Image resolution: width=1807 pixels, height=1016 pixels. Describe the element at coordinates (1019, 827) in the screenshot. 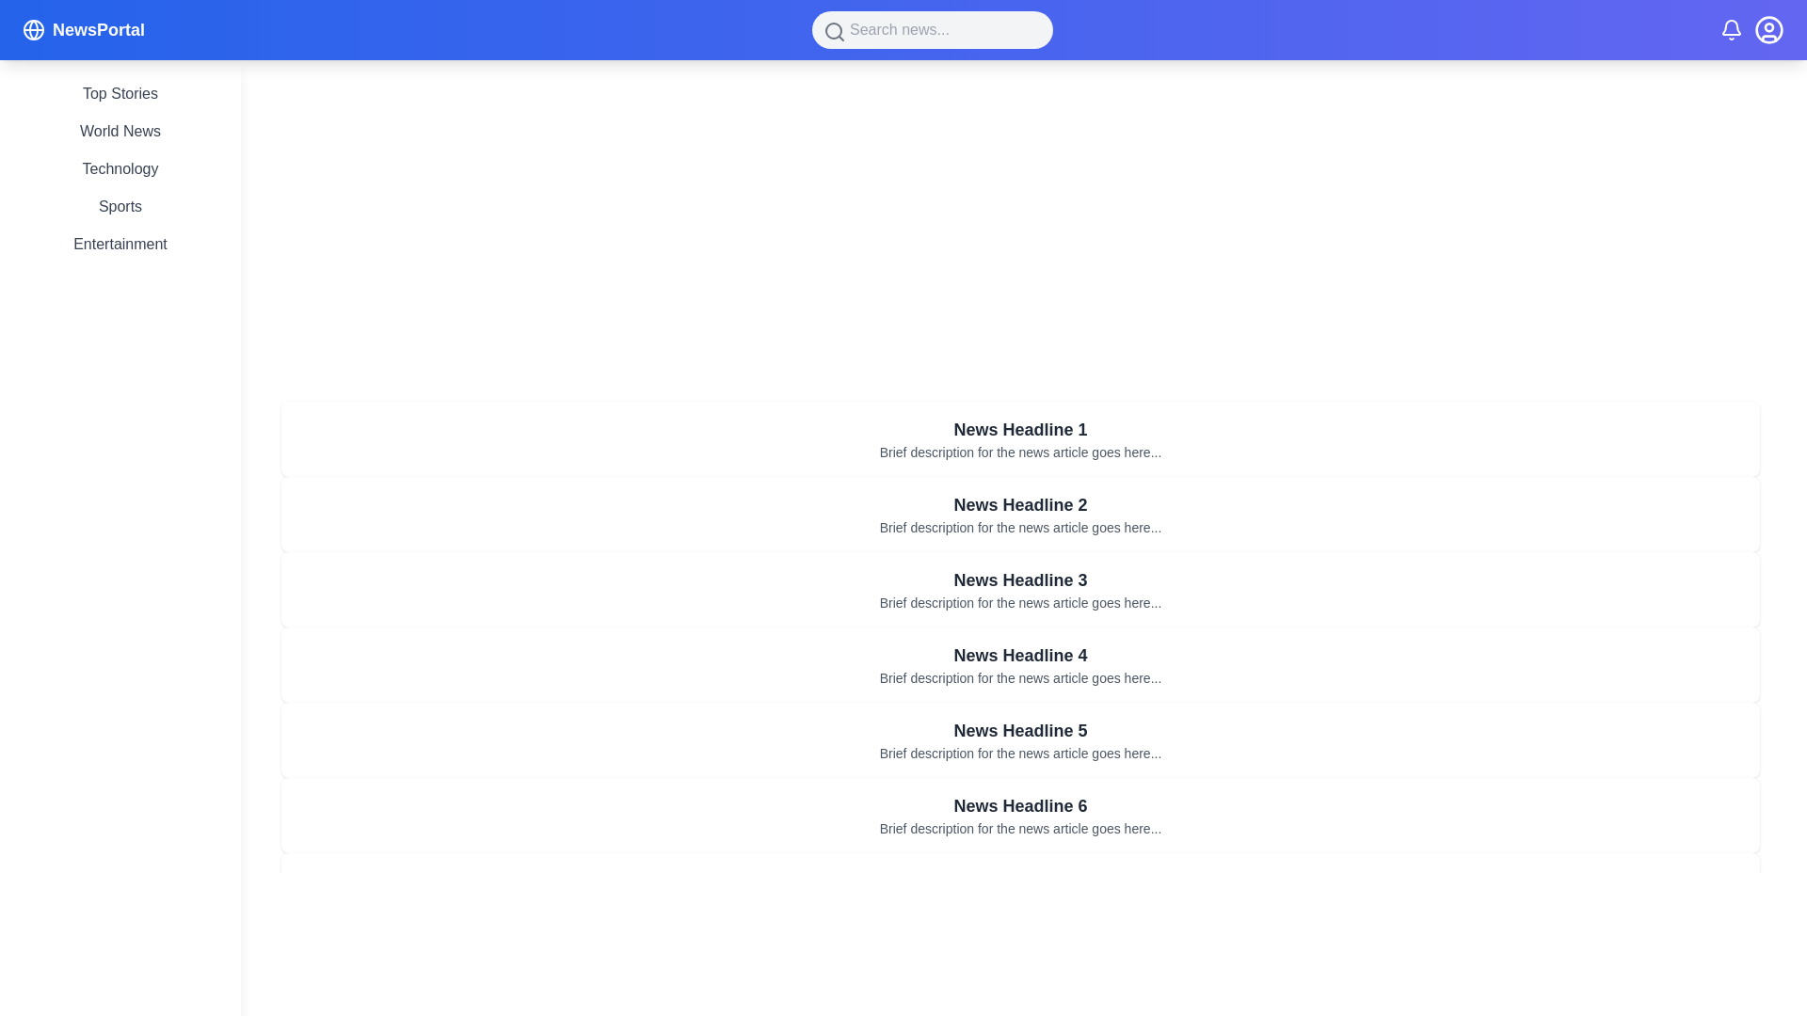

I see `the small gray text component that contains the description 'Brief description for the news article goes here...' located beneath 'News Headline 6'` at that location.